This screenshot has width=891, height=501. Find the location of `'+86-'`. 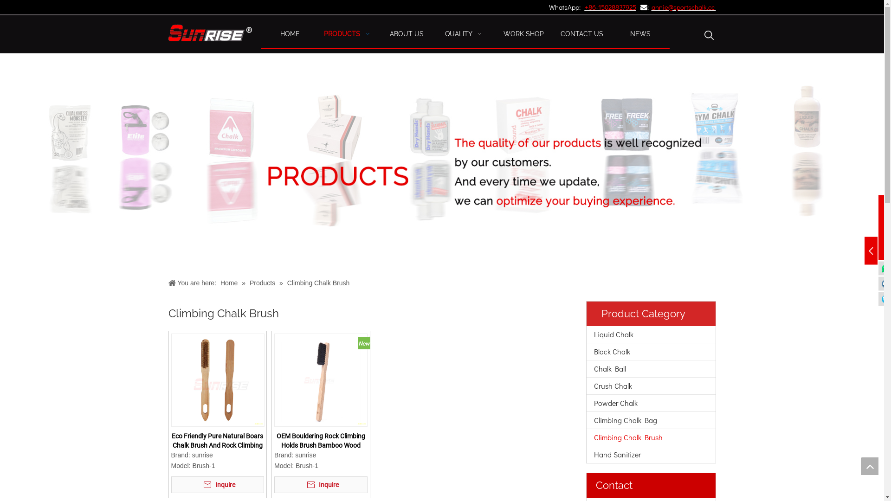

'+86-' is located at coordinates (584, 7).